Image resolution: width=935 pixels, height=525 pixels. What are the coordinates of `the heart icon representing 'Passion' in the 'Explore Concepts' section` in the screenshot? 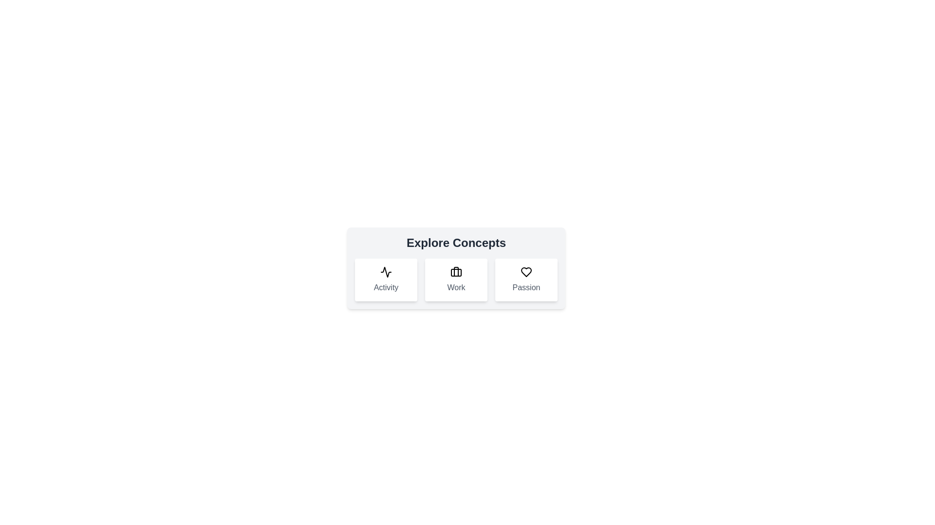 It's located at (525, 272).